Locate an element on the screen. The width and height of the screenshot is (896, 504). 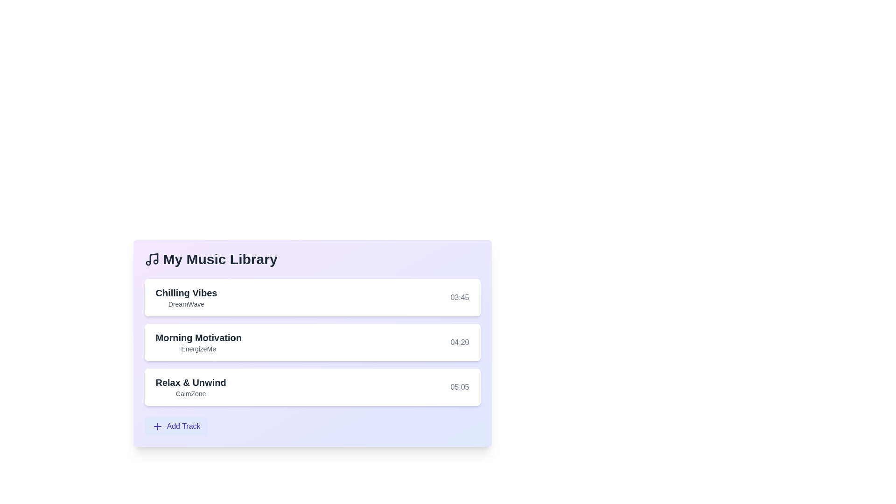
the track titled 'Relax & Unwind' to observe the scaling effect is located at coordinates (312, 387).